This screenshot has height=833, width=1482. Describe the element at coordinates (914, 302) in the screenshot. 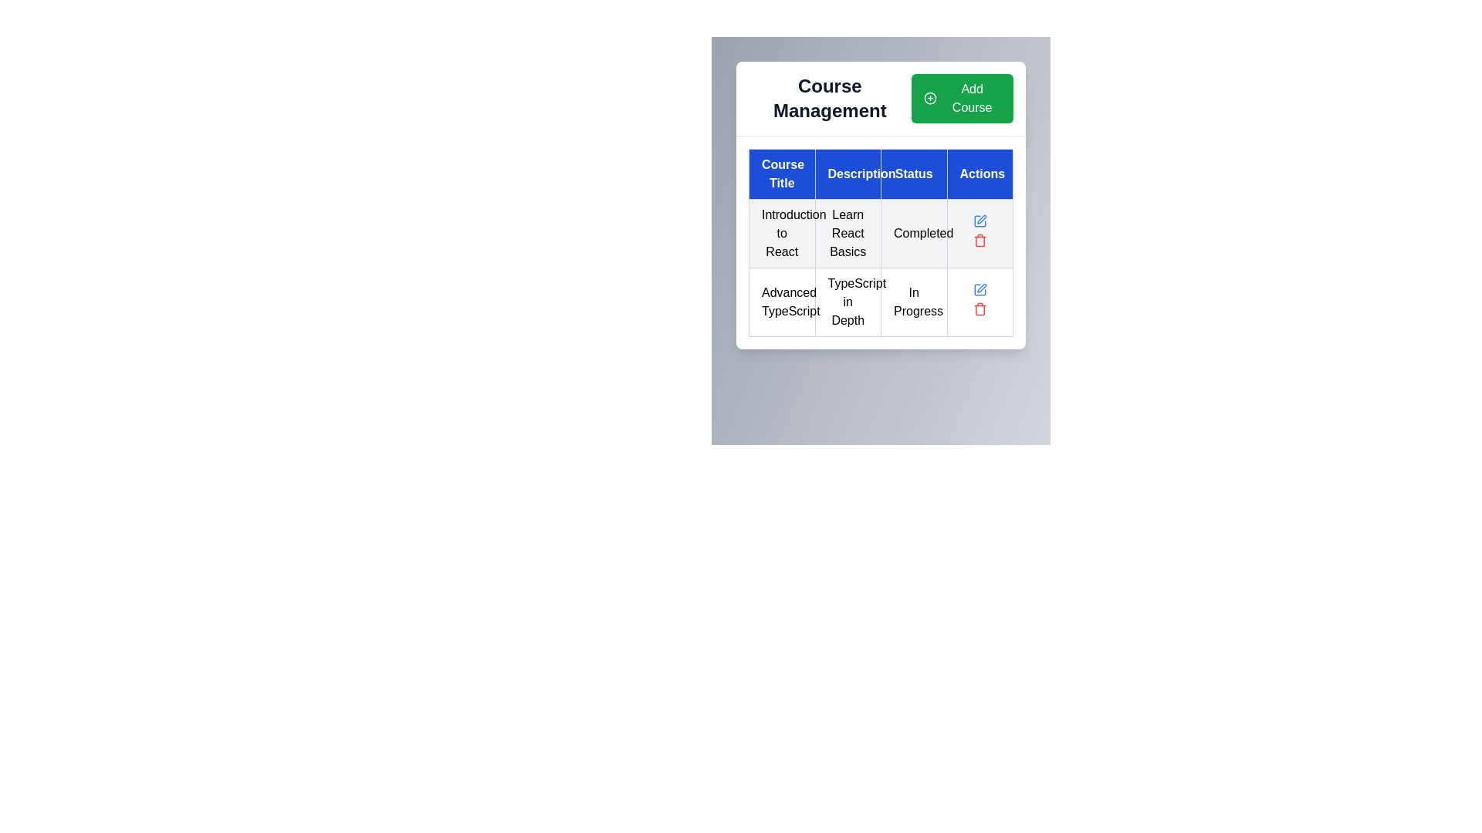

I see `the status indicator text label that shows 'In Progress' for the course 'Advanced TypeScript', located in the third column of the second row` at that location.